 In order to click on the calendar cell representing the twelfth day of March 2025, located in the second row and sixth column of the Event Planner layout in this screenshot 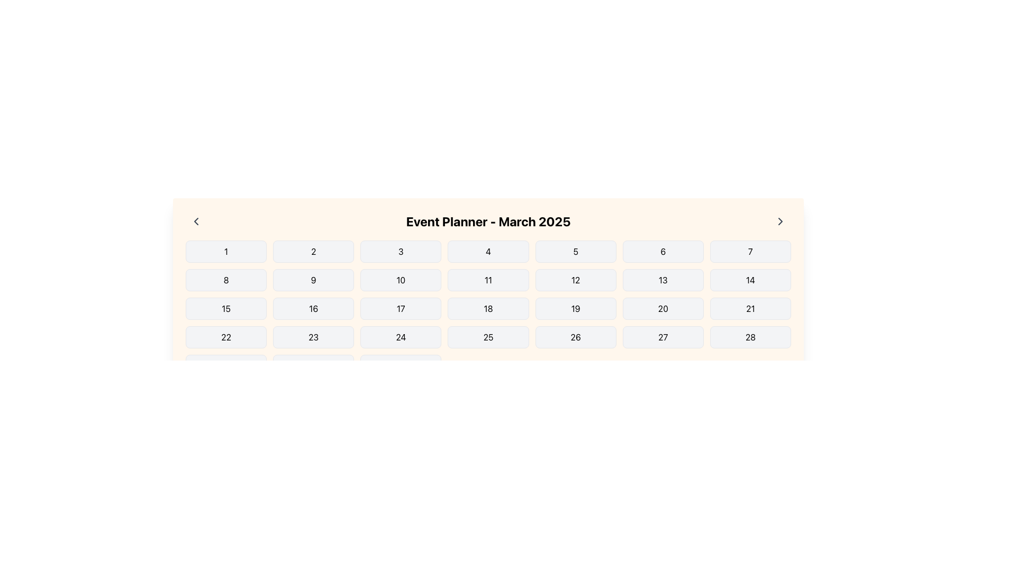, I will do `click(575, 279)`.